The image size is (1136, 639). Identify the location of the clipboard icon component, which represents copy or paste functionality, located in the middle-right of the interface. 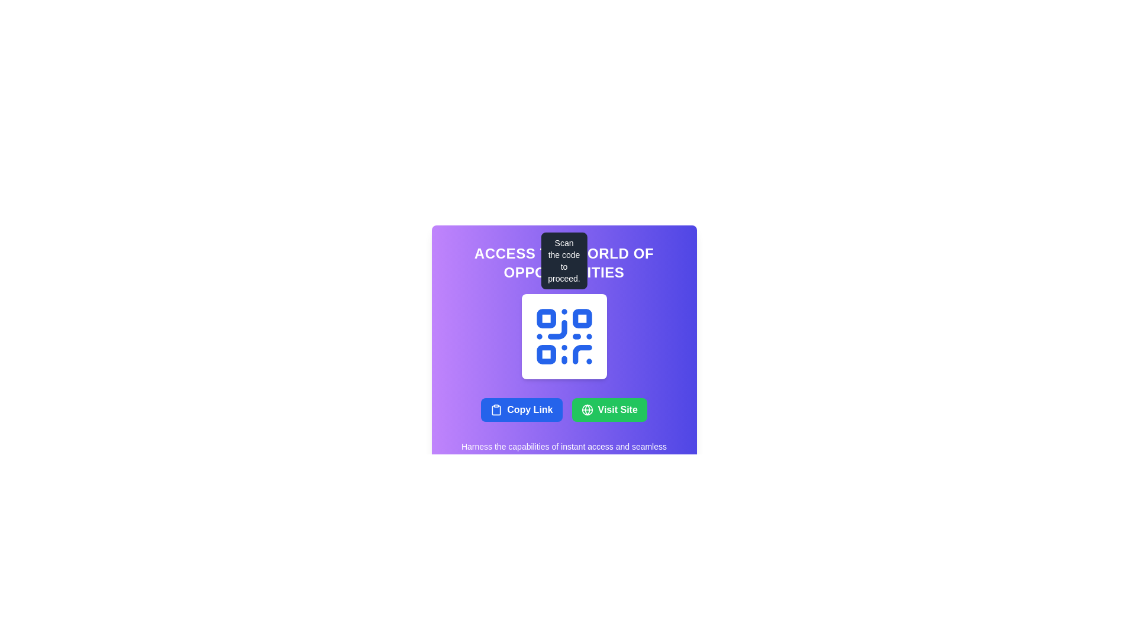
(496, 409).